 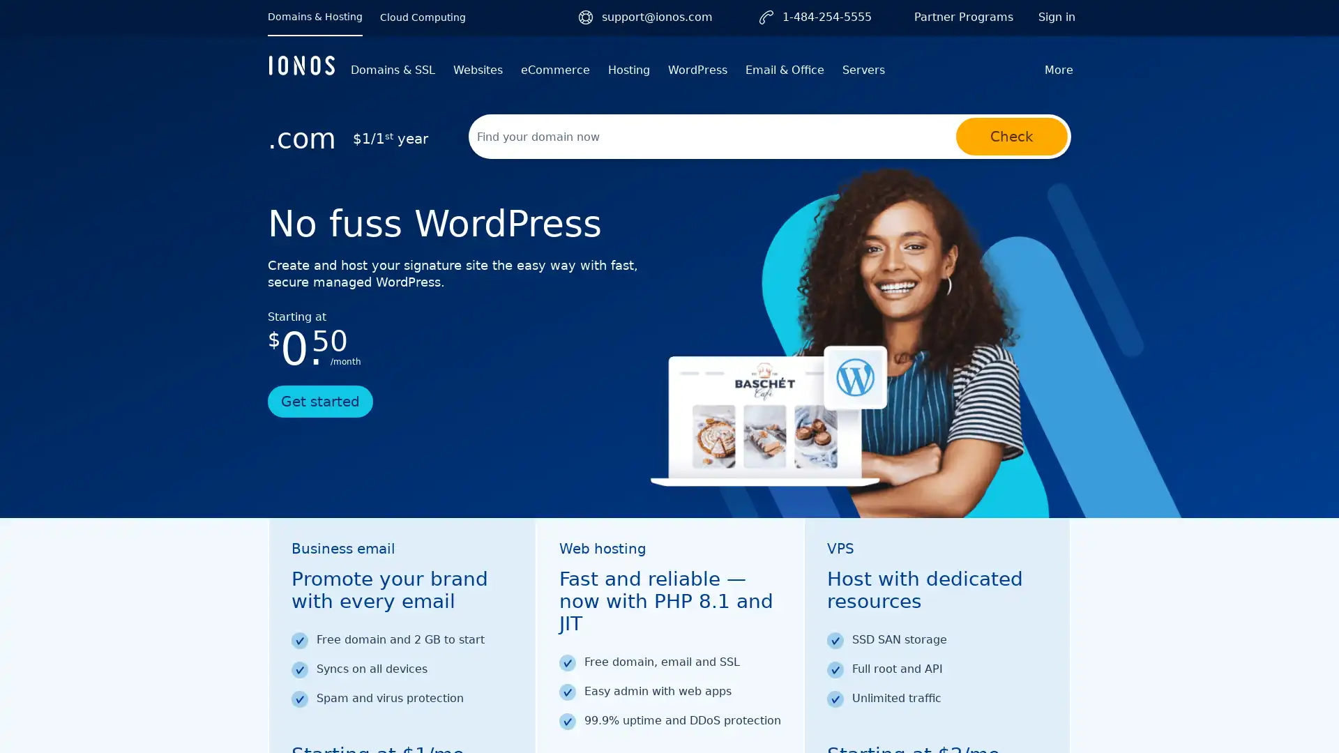 I want to click on Servers, so click(x=863, y=70).